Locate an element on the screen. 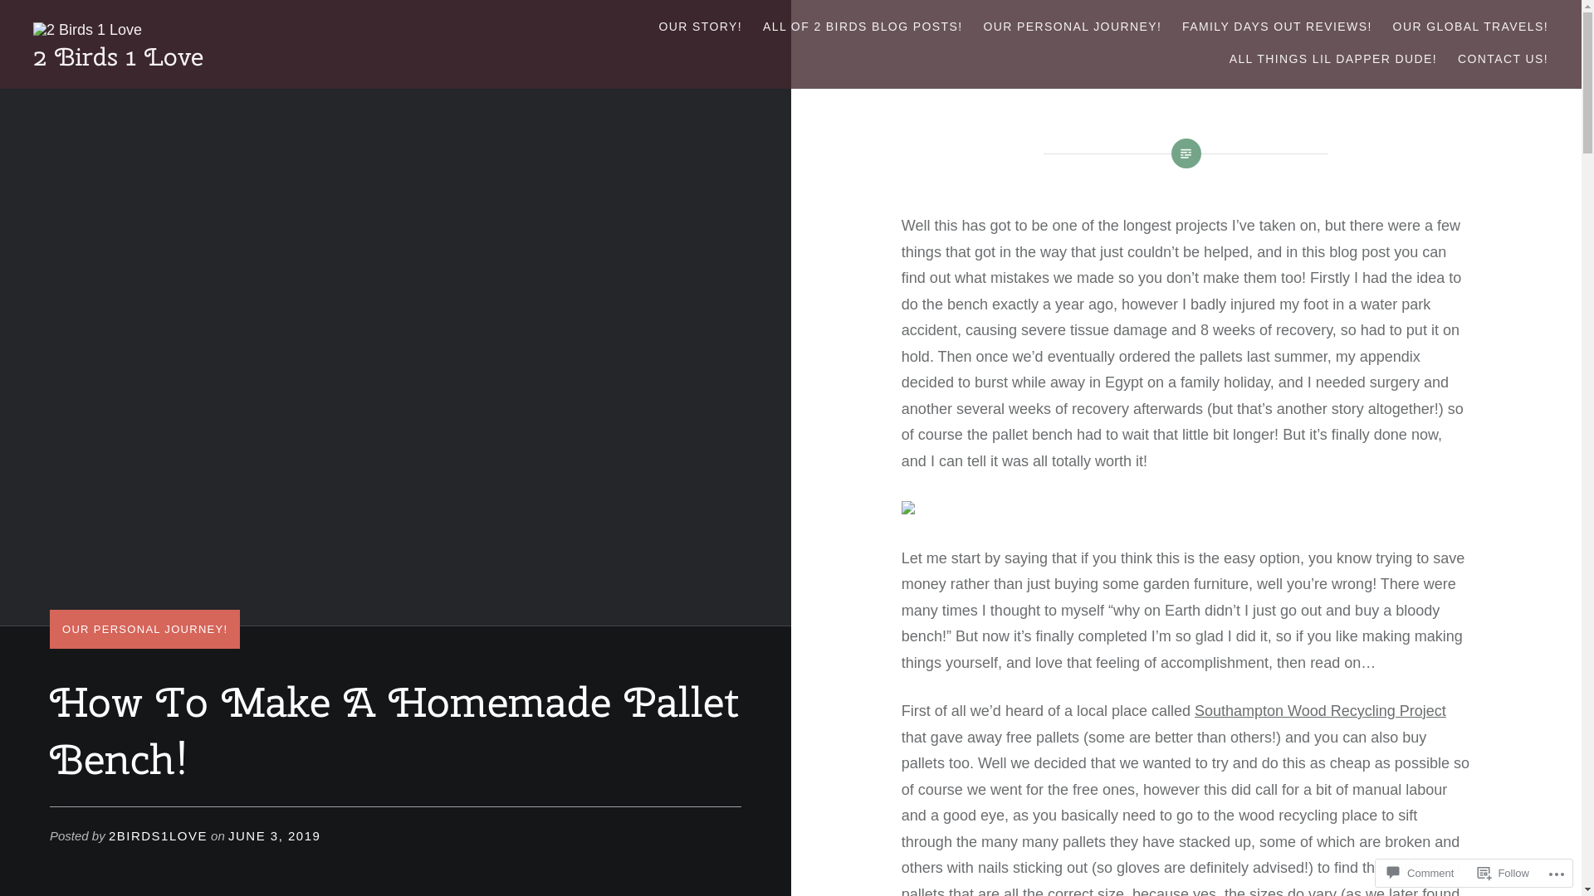  'OUR STORY!' is located at coordinates (700, 27).